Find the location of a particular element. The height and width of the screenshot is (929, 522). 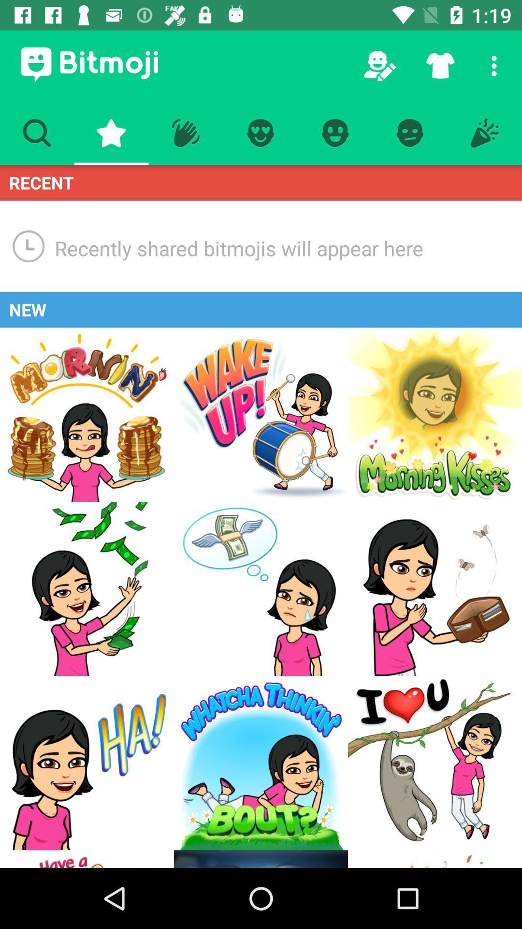

go to a new option is located at coordinates (87, 415).